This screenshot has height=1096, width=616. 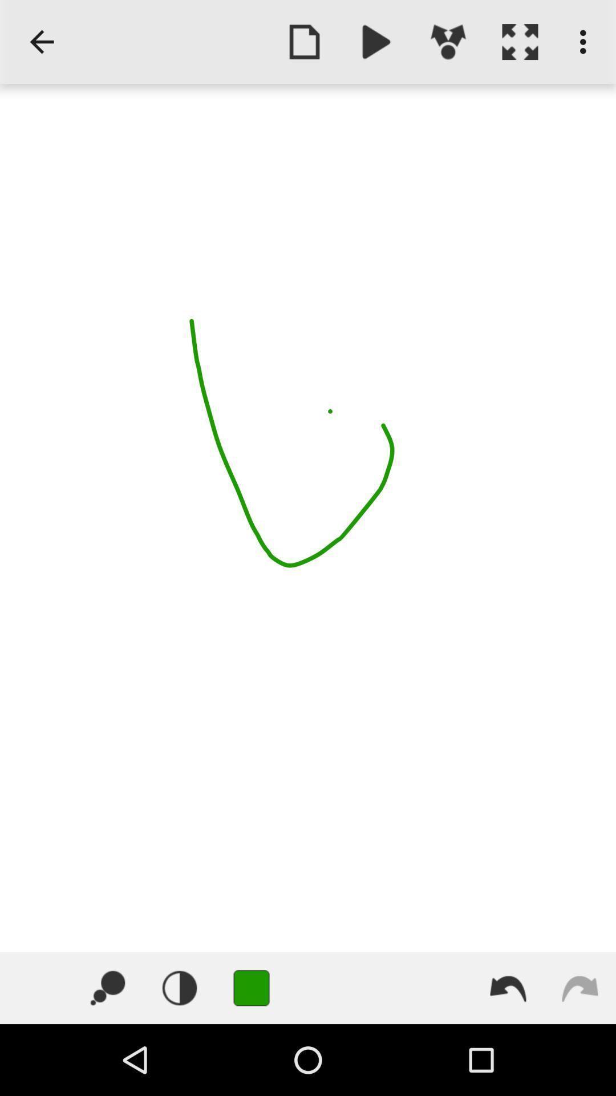 What do you see at coordinates (180, 988) in the screenshot?
I see `the info icon` at bounding box center [180, 988].